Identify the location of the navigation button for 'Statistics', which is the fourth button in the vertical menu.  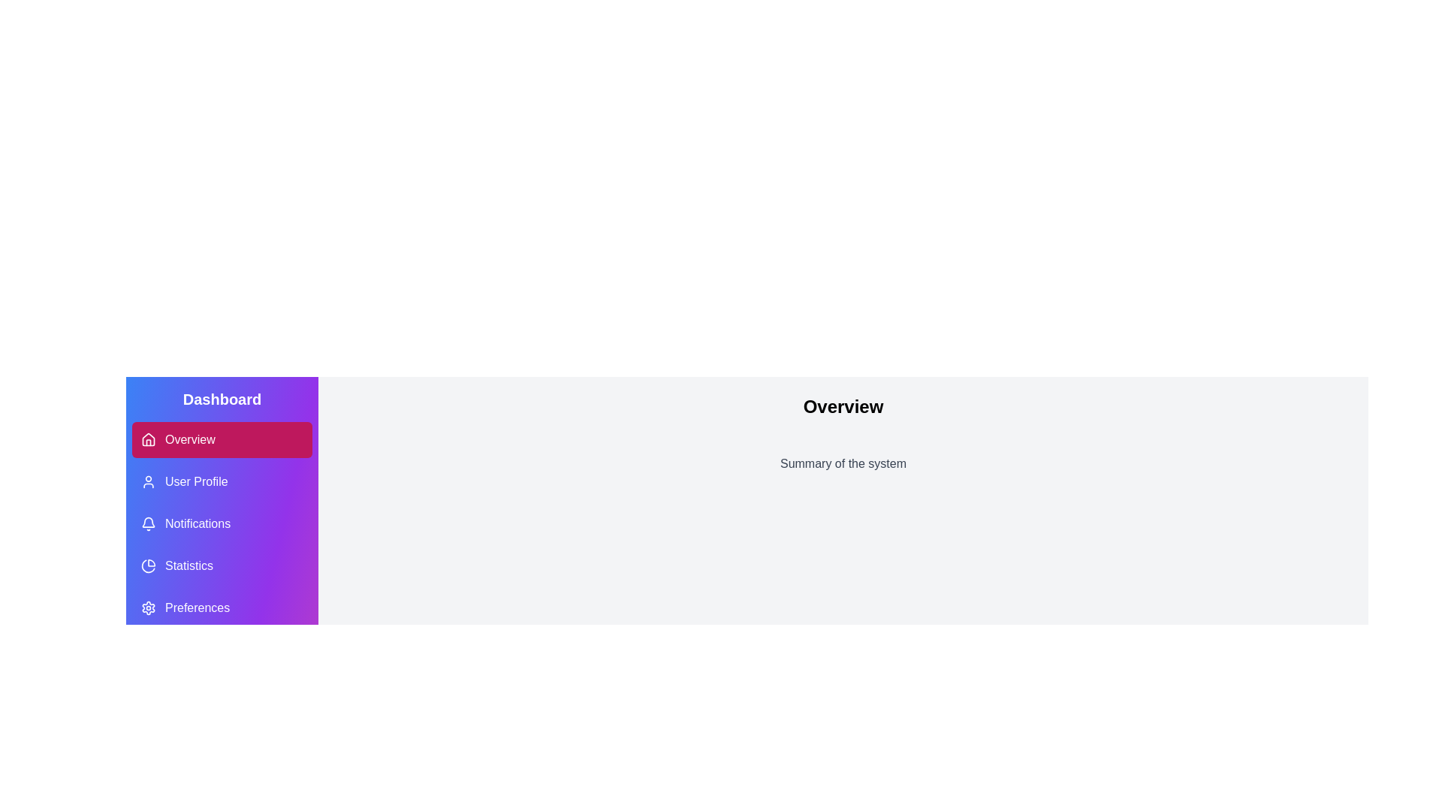
(222, 565).